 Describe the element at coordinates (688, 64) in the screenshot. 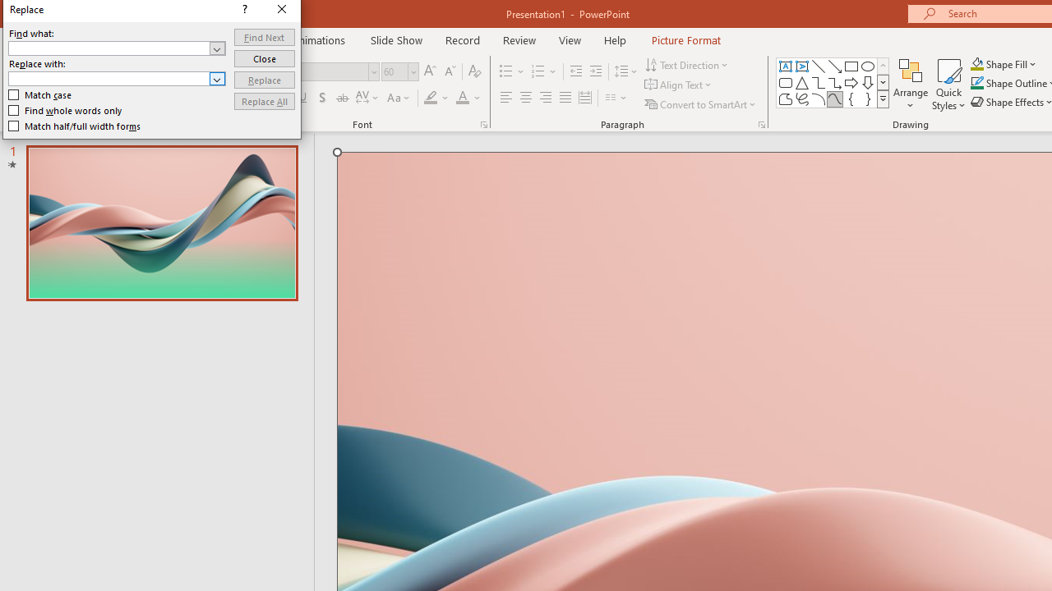

I see `'Text Direction'` at that location.